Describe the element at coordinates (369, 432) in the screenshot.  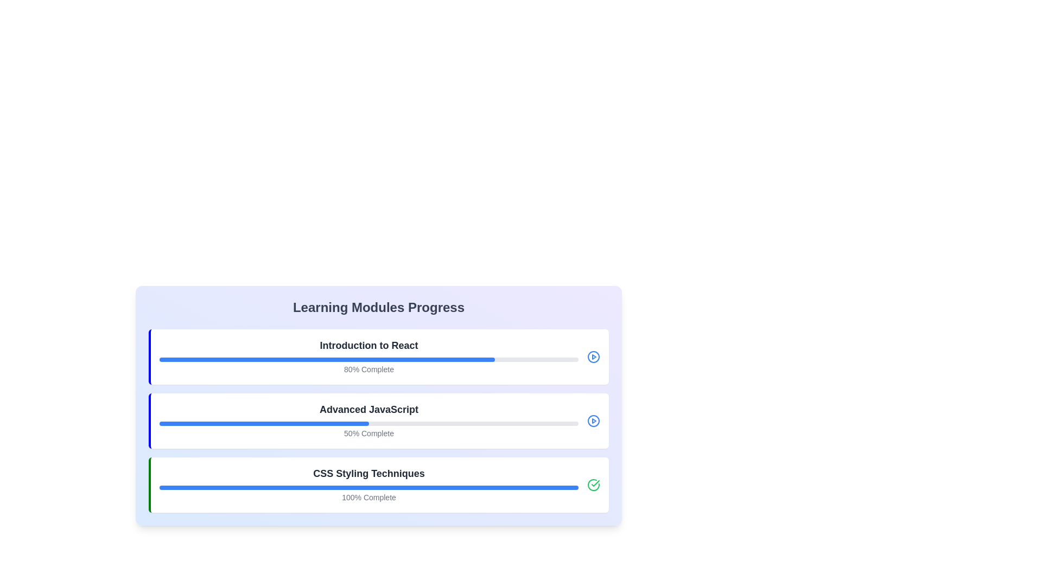
I see `the text label displaying '50% Complete' which is positioned below the blue progress bar for the 'Advanced JavaScript' module` at that location.